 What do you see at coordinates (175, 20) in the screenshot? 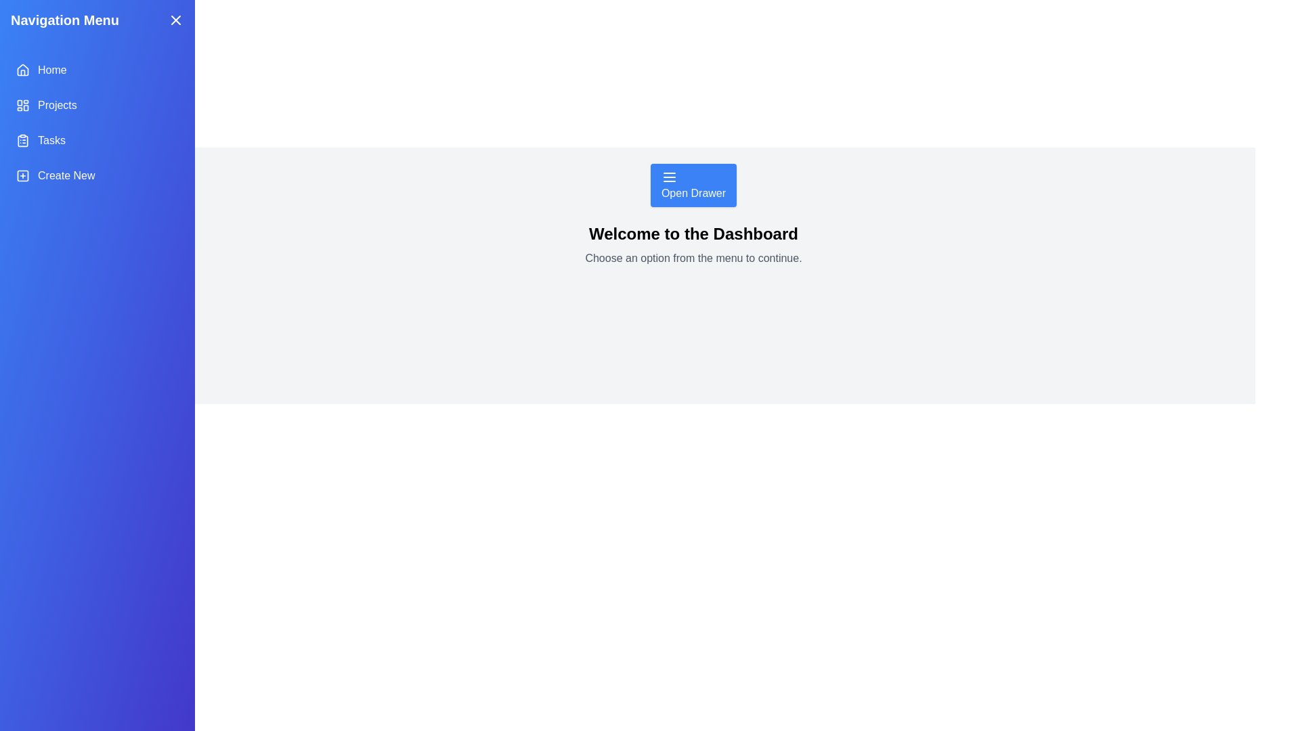
I see `the close button in the navigation drawer` at bounding box center [175, 20].